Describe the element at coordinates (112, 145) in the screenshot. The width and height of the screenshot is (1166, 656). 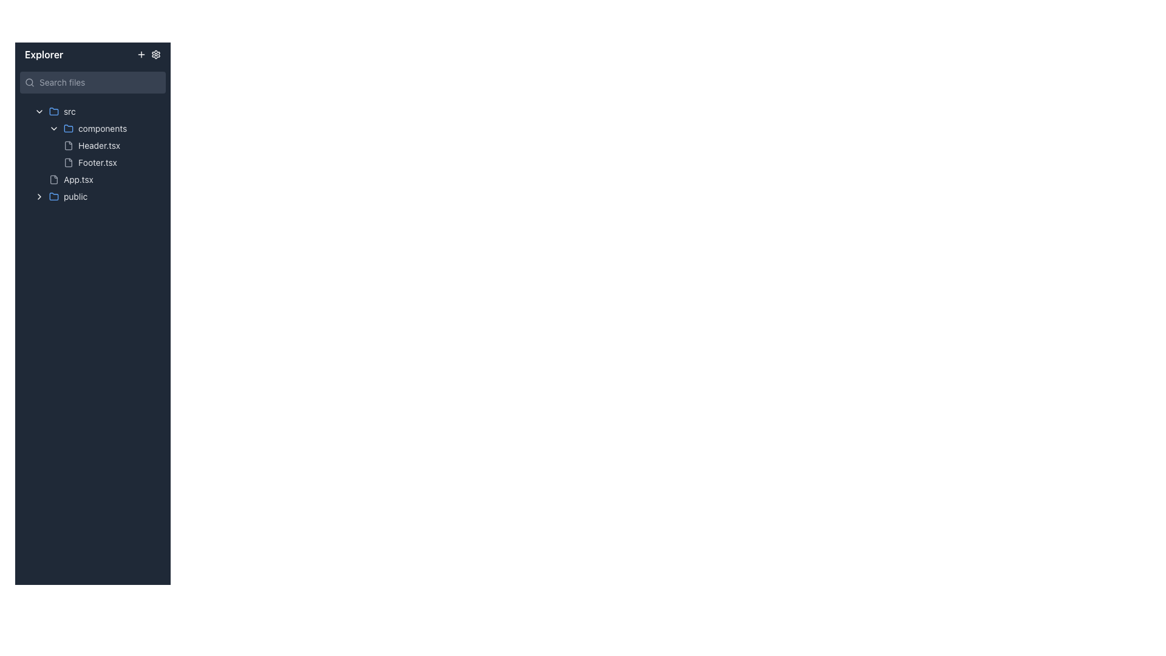
I see `the 'Header.tsx' text element in the file explorer sidebar` at that location.